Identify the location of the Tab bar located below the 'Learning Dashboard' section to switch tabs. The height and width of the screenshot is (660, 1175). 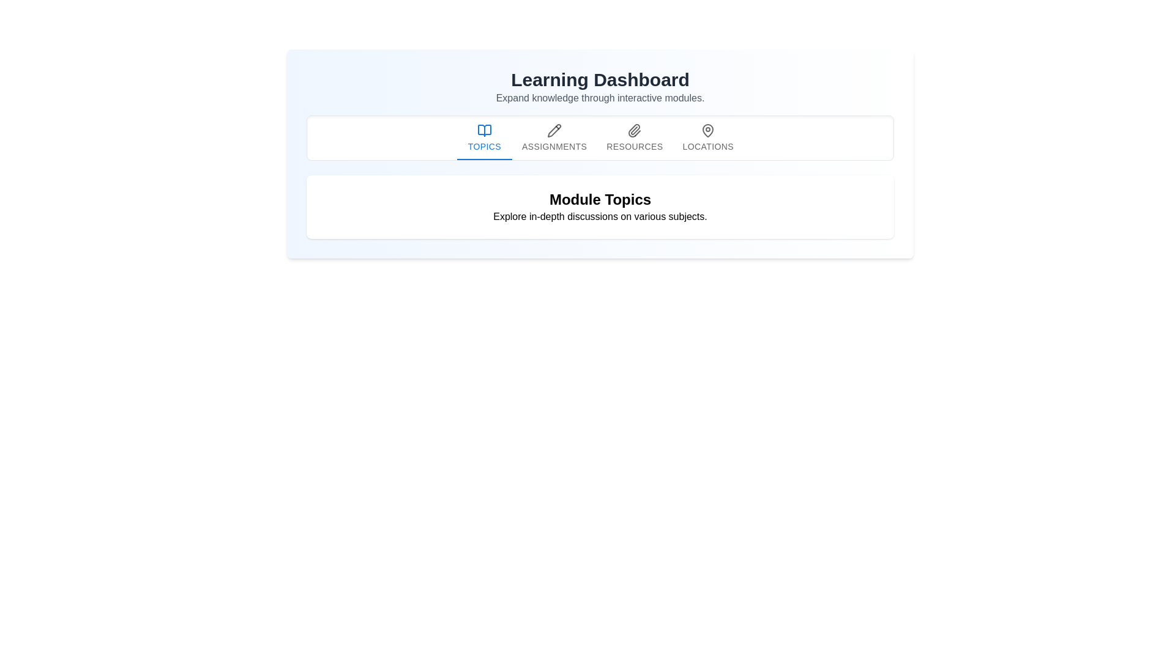
(600, 137).